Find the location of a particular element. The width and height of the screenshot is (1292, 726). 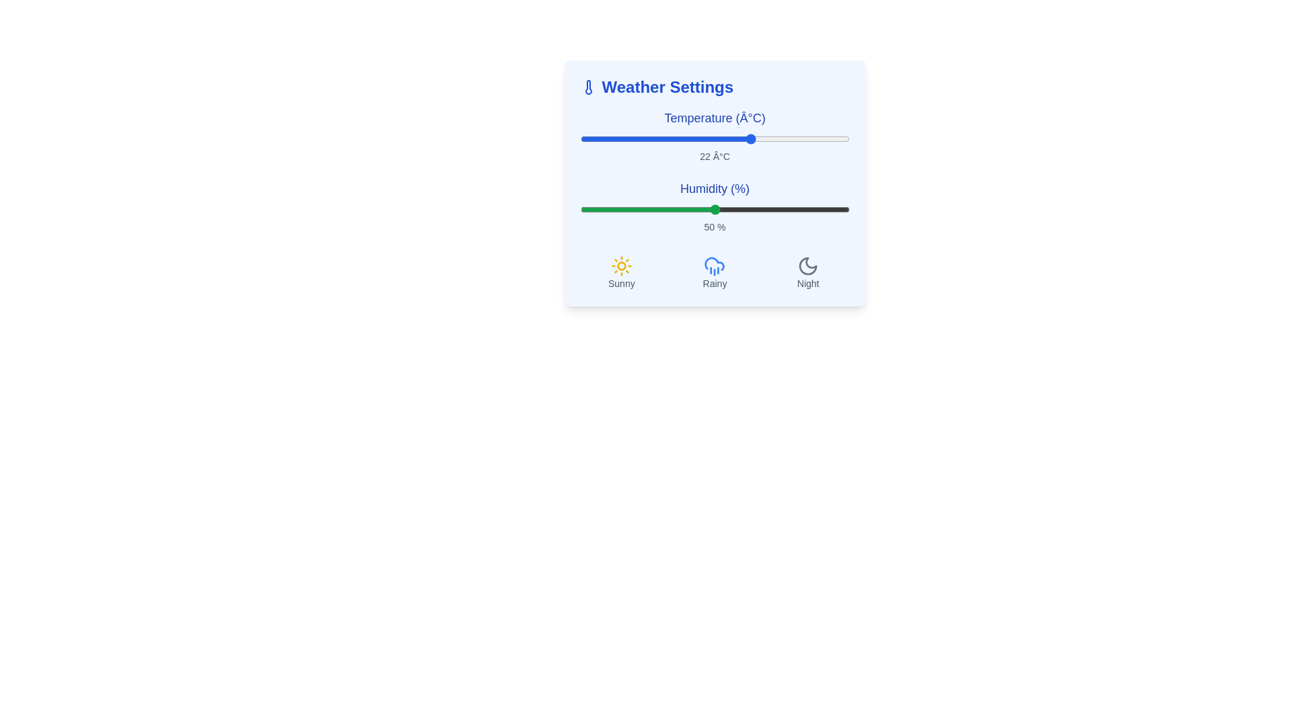

text label displaying 'Rainy' located beneath the 'cloud rain' icon, centered between the 'Sunny' and 'Night' sections is located at coordinates (714, 282).